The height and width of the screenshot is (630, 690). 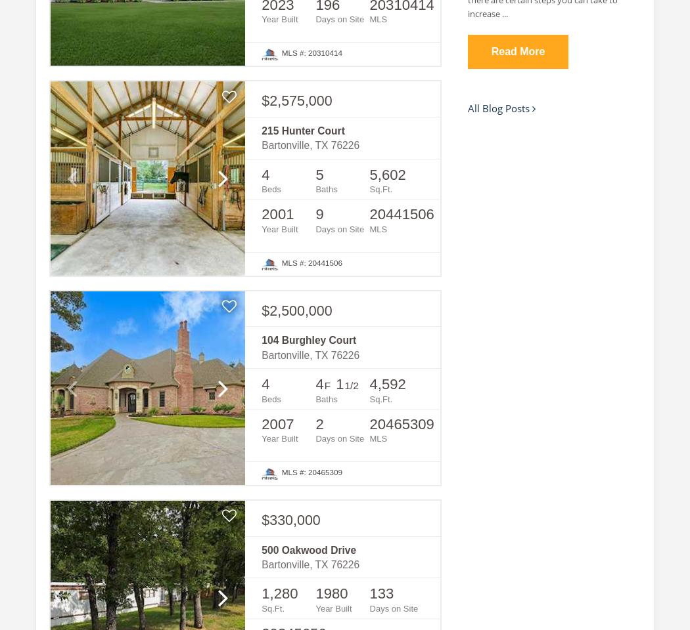 What do you see at coordinates (327, 385) in the screenshot?
I see `'F'` at bounding box center [327, 385].